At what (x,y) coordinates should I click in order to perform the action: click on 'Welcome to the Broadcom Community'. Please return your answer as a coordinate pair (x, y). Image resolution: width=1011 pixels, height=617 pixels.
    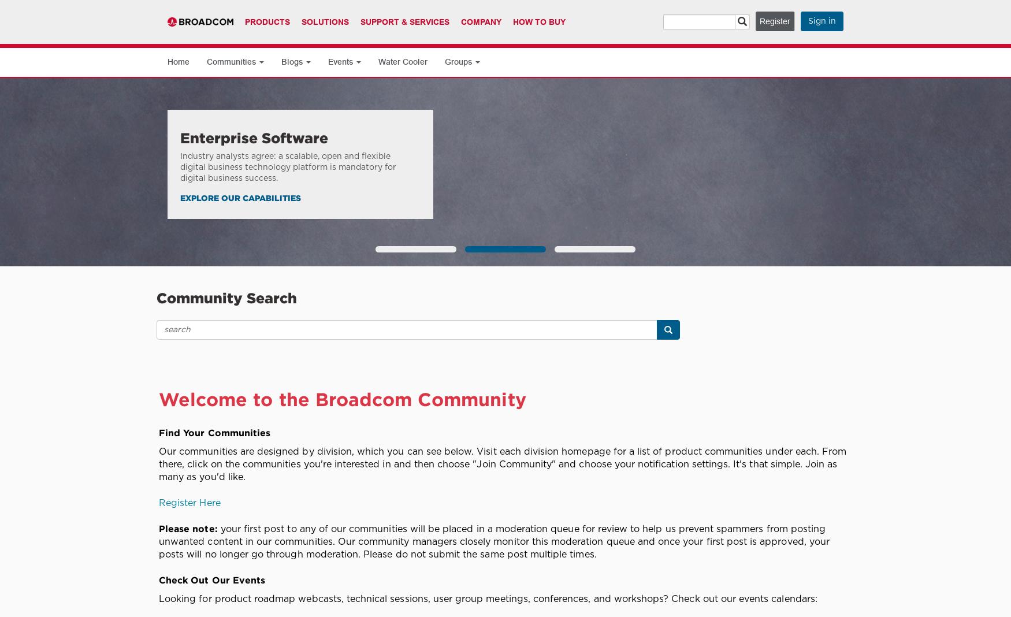
    Looking at the image, I should click on (158, 399).